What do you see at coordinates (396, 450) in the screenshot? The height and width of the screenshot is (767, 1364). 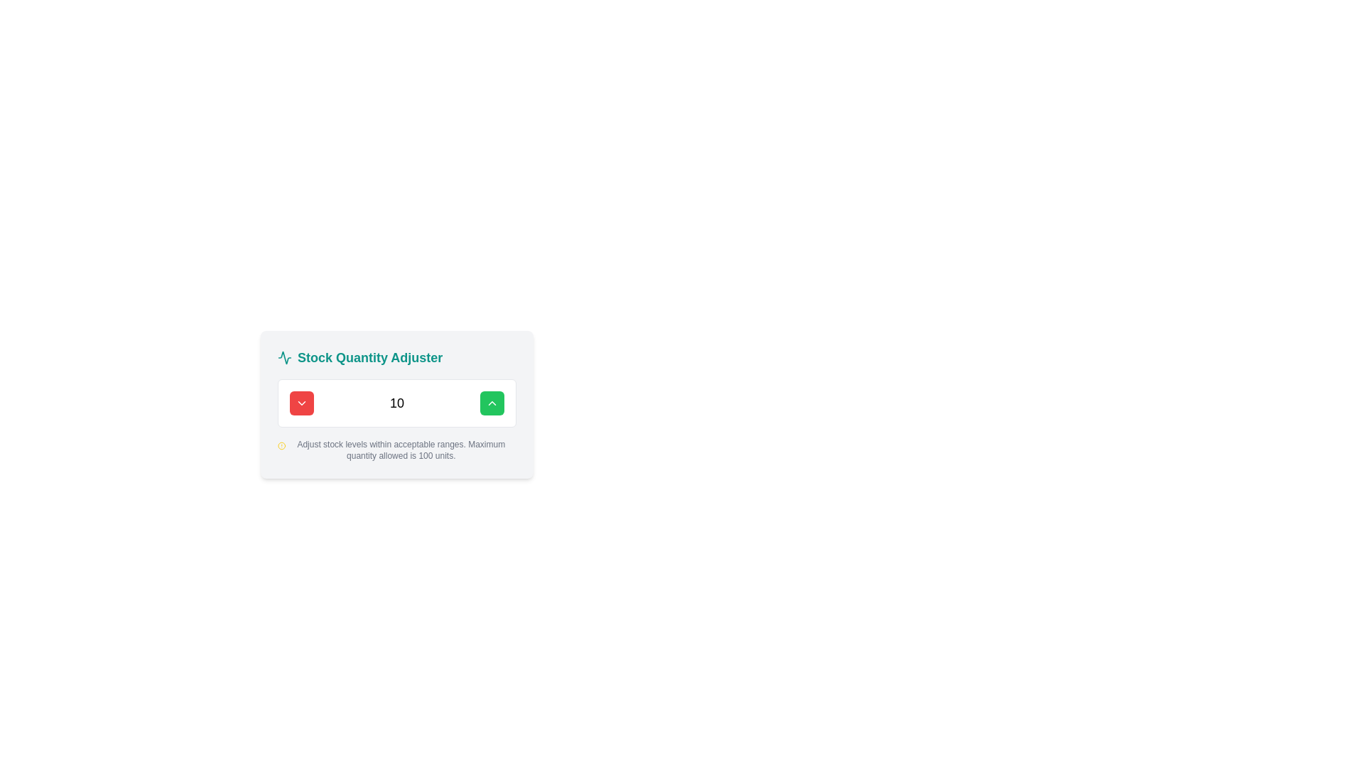 I see `the informational text element that consists of a small yellow alert icon and the message 'Adjust stock levels within acceptable ranges. Maximum quantity allowed is 100 units.' located at the bottom of the 'Stock Quantity Adjuster' card` at bounding box center [396, 450].